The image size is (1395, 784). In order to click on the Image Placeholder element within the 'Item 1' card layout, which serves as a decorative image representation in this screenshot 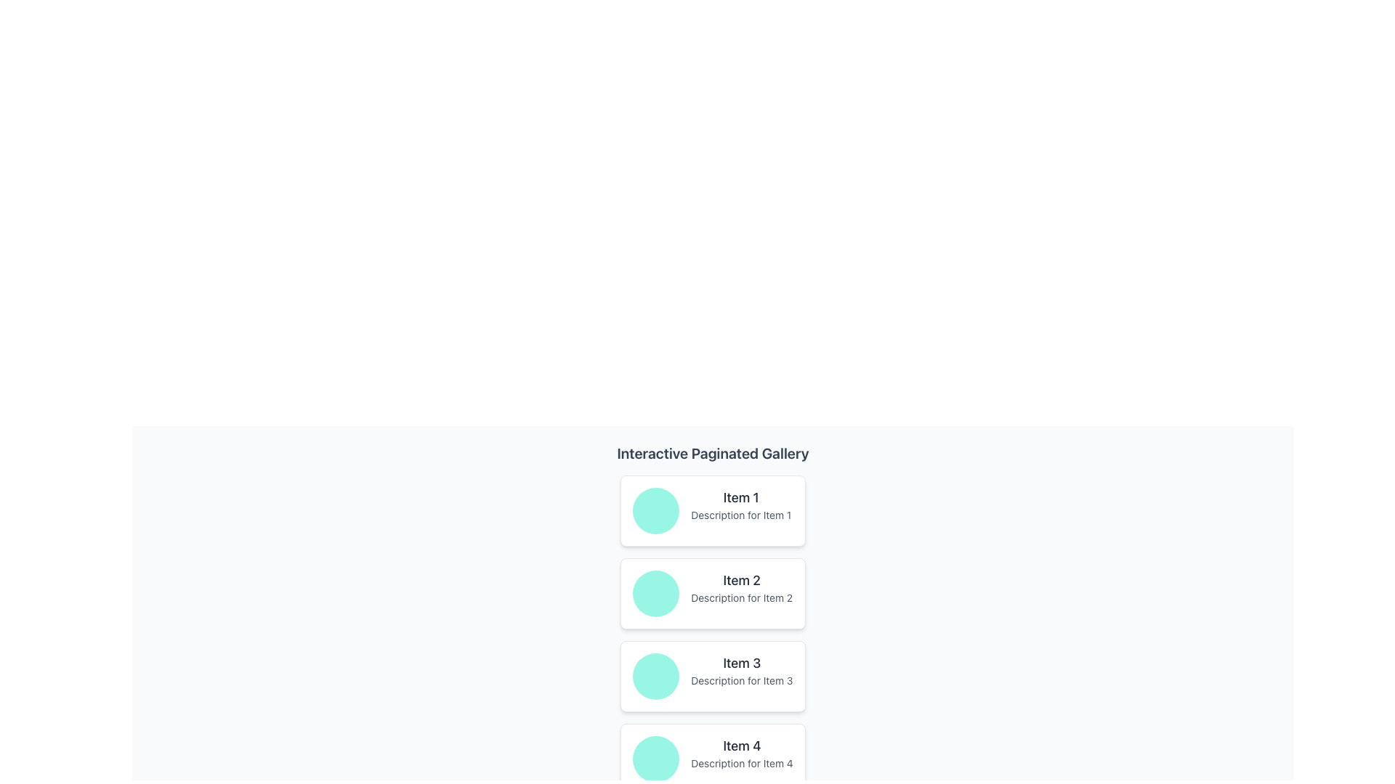, I will do `click(655, 510)`.